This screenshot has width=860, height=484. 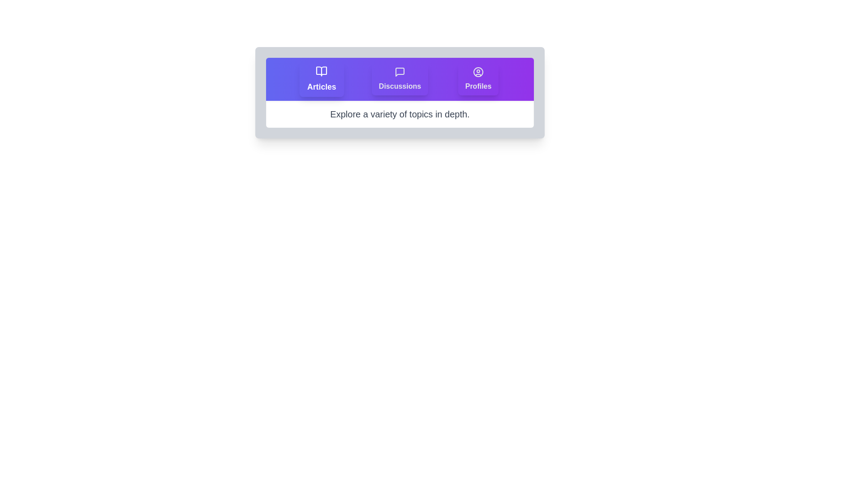 What do you see at coordinates (399, 79) in the screenshot?
I see `the tab labeled Discussions` at bounding box center [399, 79].